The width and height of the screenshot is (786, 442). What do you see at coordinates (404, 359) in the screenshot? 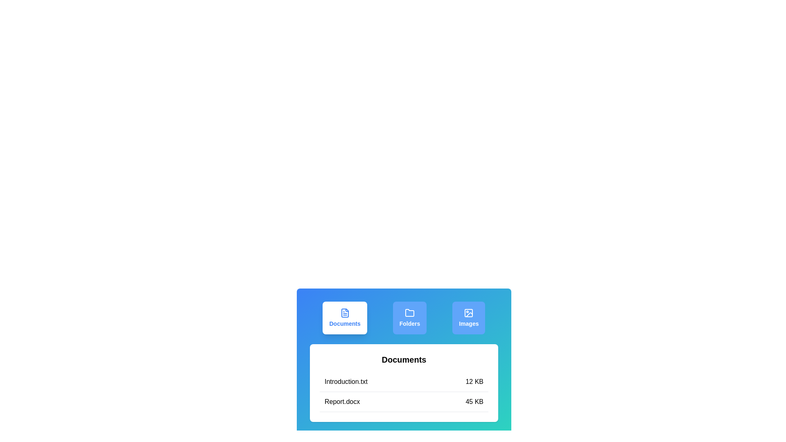
I see `the non-interactive Text Label indicating 'Documents', which is visually distinct and serves as a title for the associated items below it` at bounding box center [404, 359].